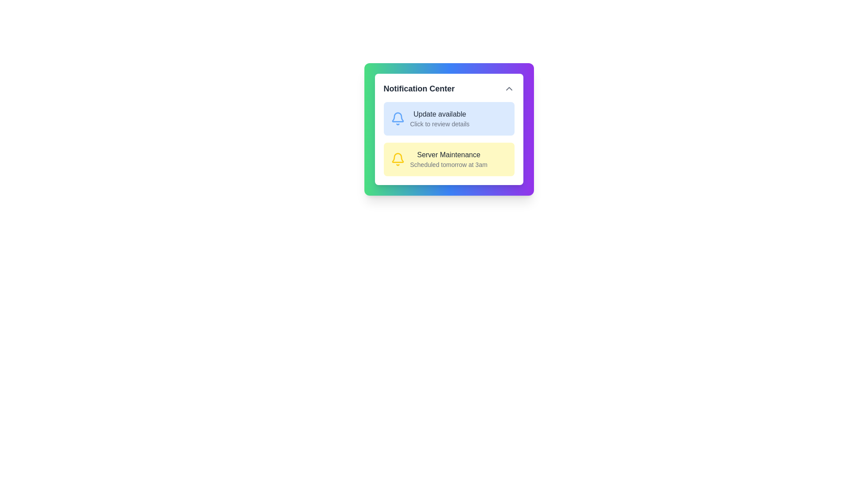  Describe the element at coordinates (397, 118) in the screenshot. I see `the bell icon located within the blue-highlighted notification card under the 'Notification Center' heading, aligned to the left of the card's text content` at that location.